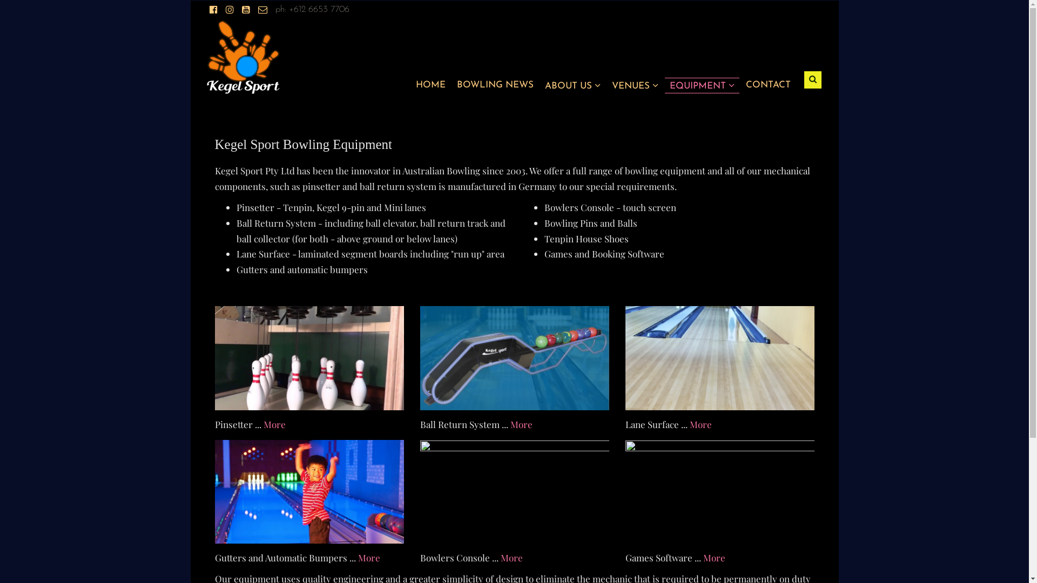 The width and height of the screenshot is (1037, 583). Describe the element at coordinates (635, 85) in the screenshot. I see `'VENUES'` at that location.